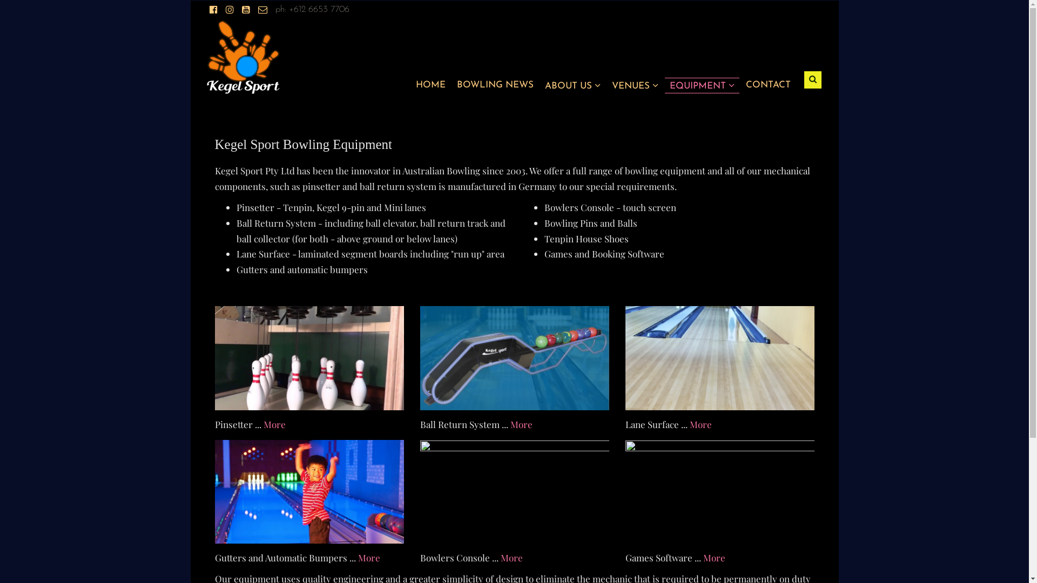 The width and height of the screenshot is (1037, 583). Describe the element at coordinates (635, 85) in the screenshot. I see `'VENUES'` at that location.